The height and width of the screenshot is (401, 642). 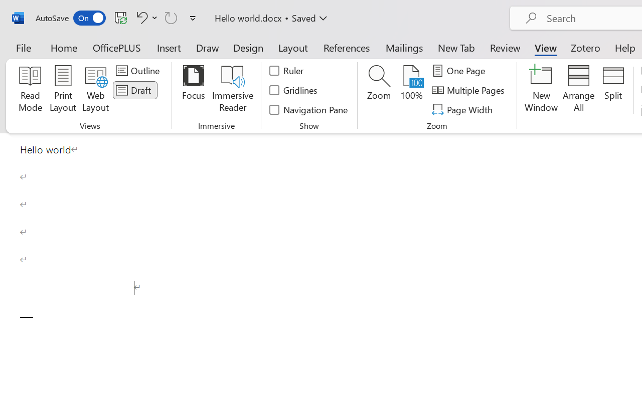 I want to click on 'New Tab', so click(x=456, y=47).